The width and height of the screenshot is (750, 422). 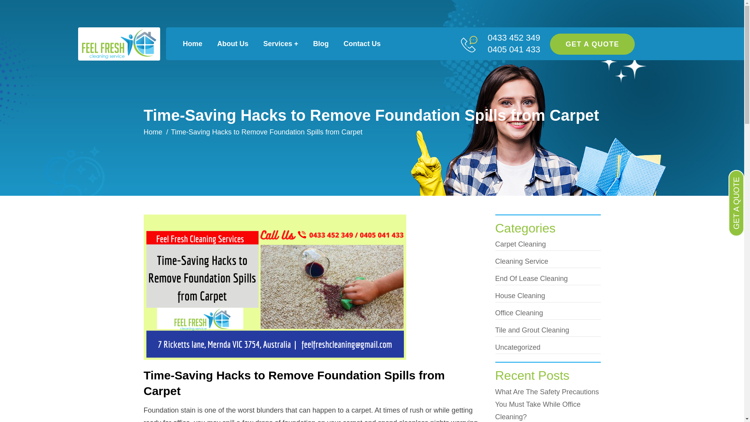 I want to click on 'House Cleaning', so click(x=547, y=296).